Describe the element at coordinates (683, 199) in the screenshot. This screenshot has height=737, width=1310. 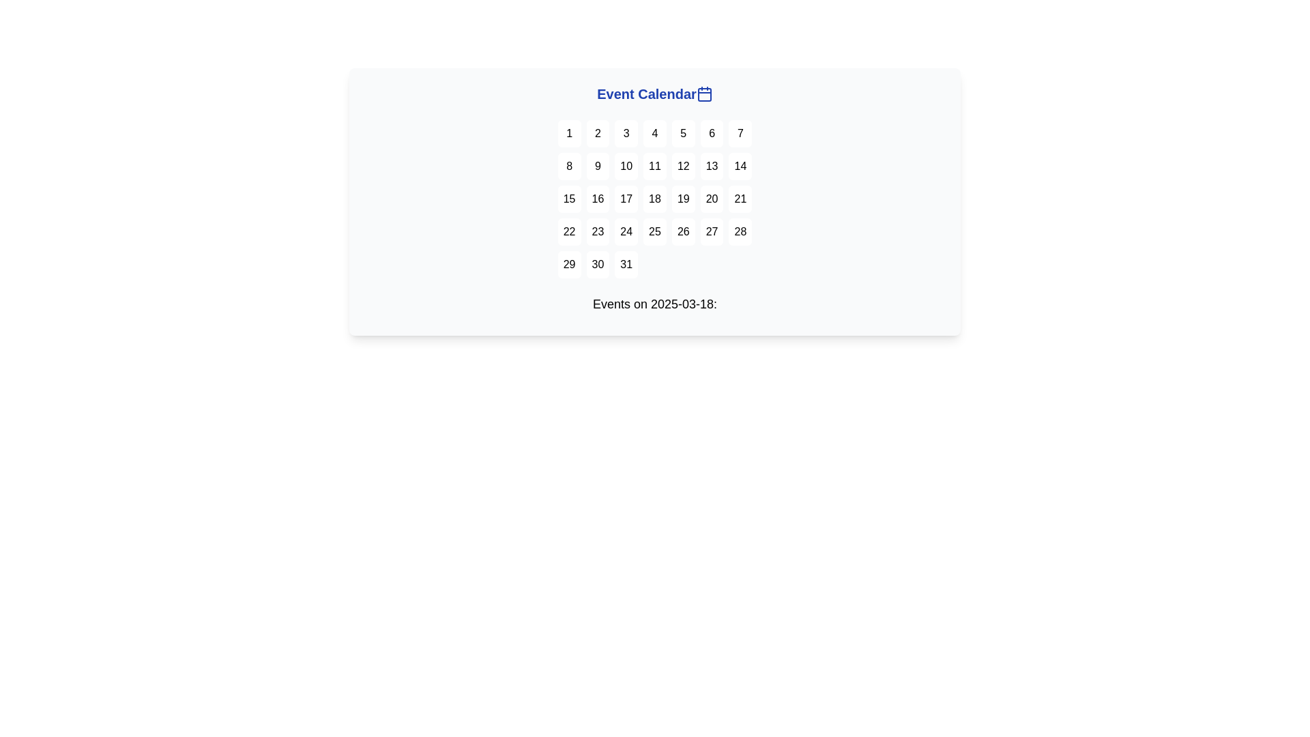
I see `the button labeled '19' in the Event Calendar` at that location.